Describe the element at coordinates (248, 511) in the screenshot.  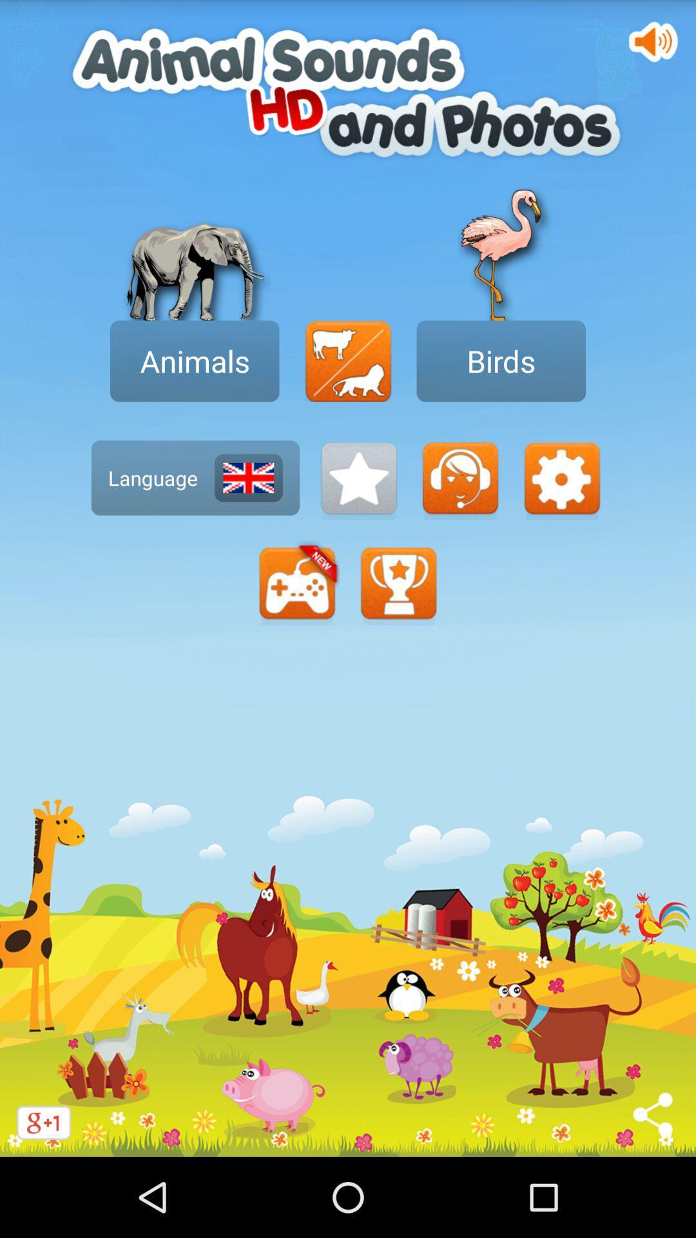
I see `the national_flag icon` at that location.